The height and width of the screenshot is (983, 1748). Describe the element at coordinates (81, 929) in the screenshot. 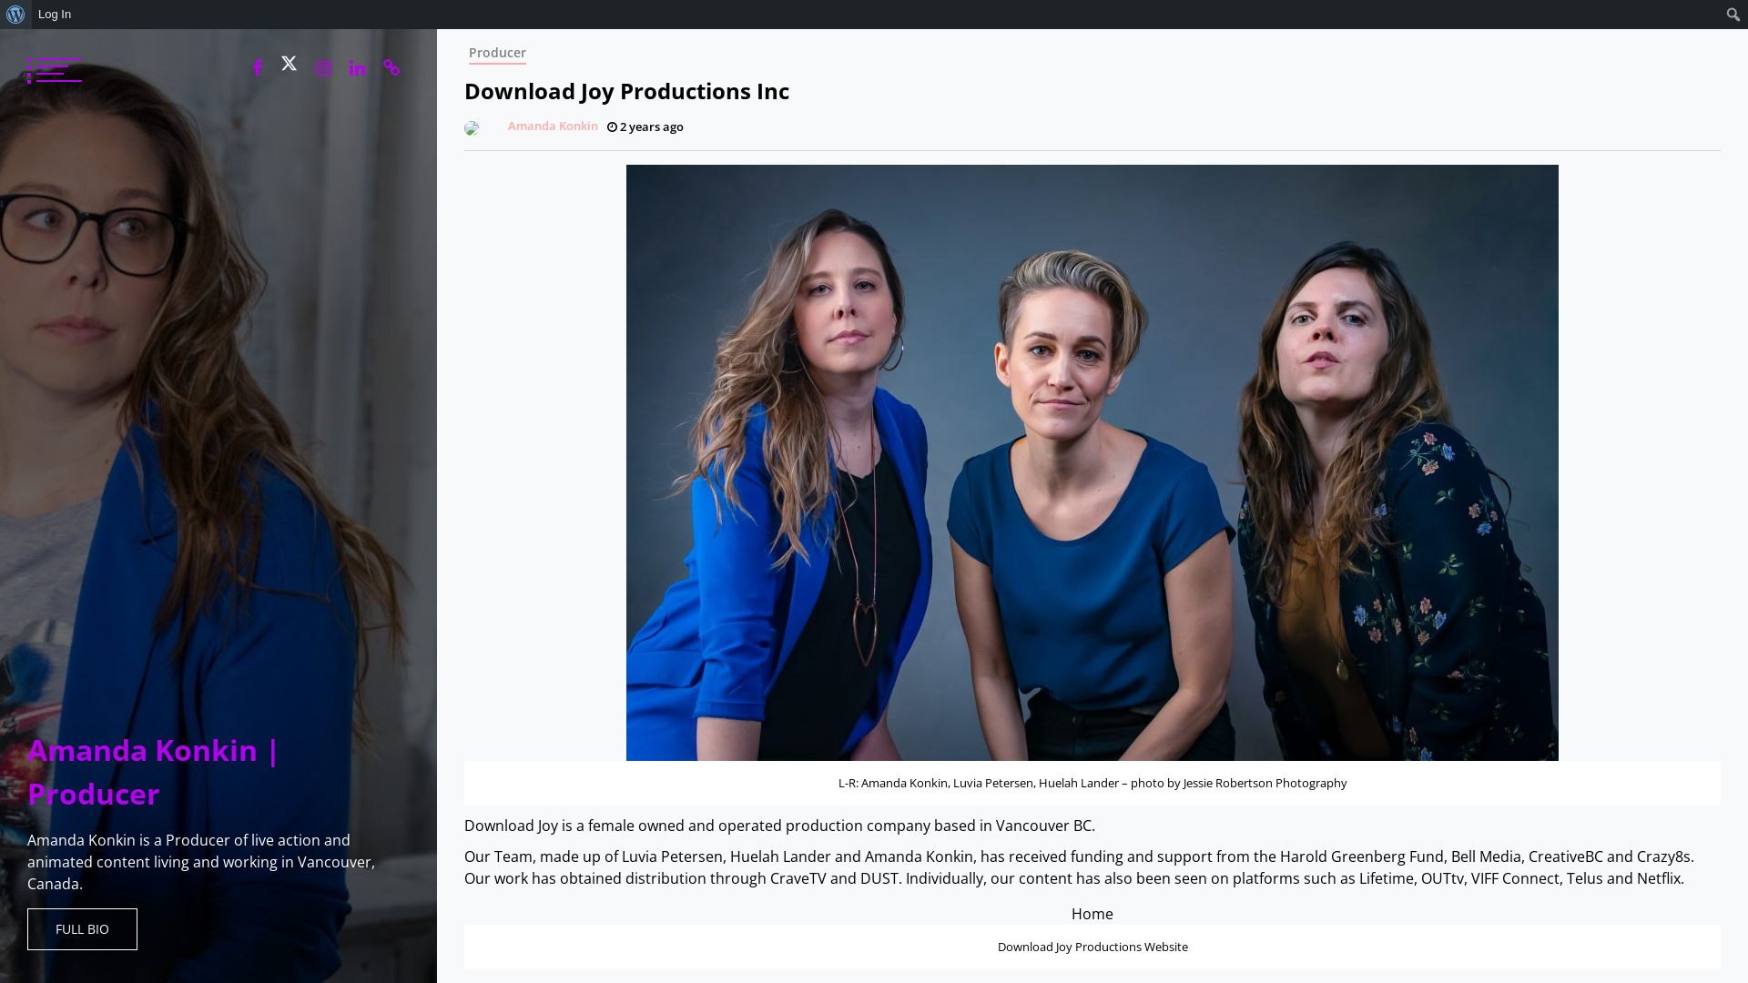

I see `'FULL BIO'` at that location.